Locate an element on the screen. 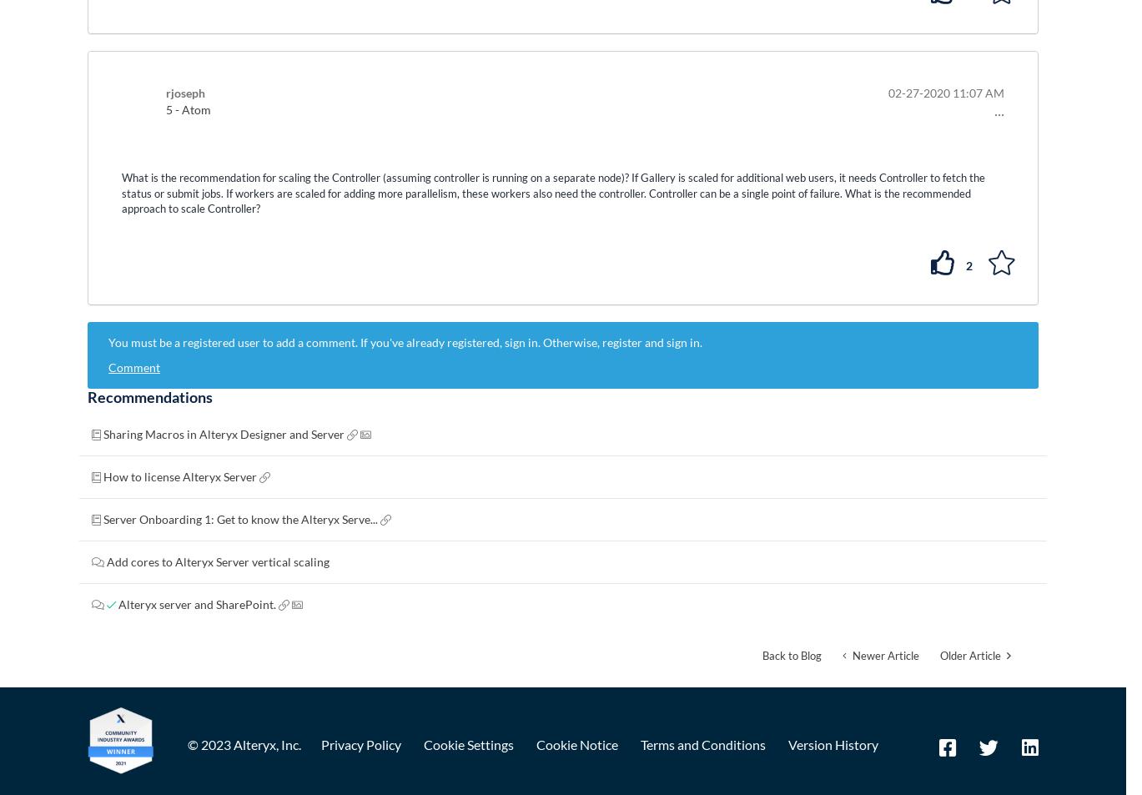  'Version History' is located at coordinates (833, 743).